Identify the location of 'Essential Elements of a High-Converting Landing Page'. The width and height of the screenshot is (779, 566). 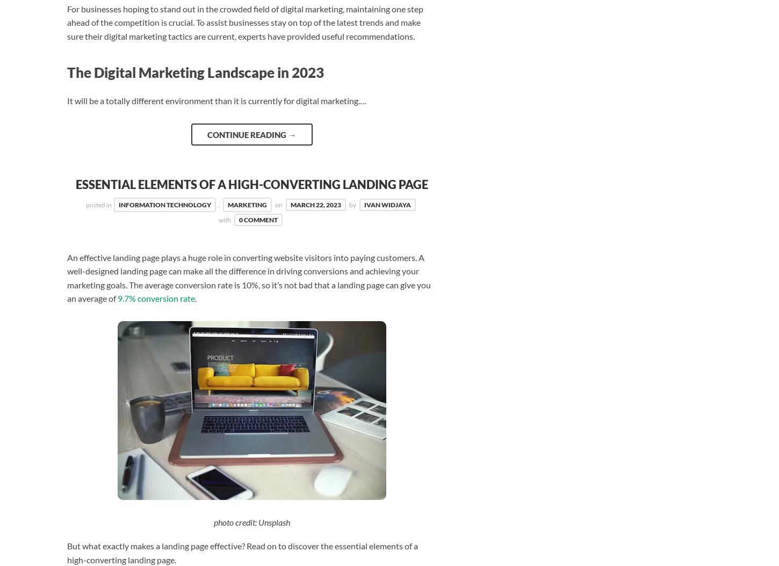
(251, 184).